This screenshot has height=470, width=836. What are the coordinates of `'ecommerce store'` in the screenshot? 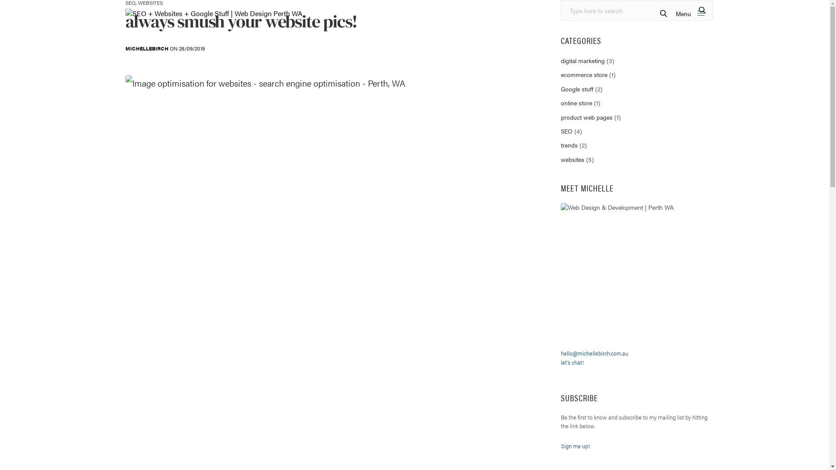 It's located at (584, 74).